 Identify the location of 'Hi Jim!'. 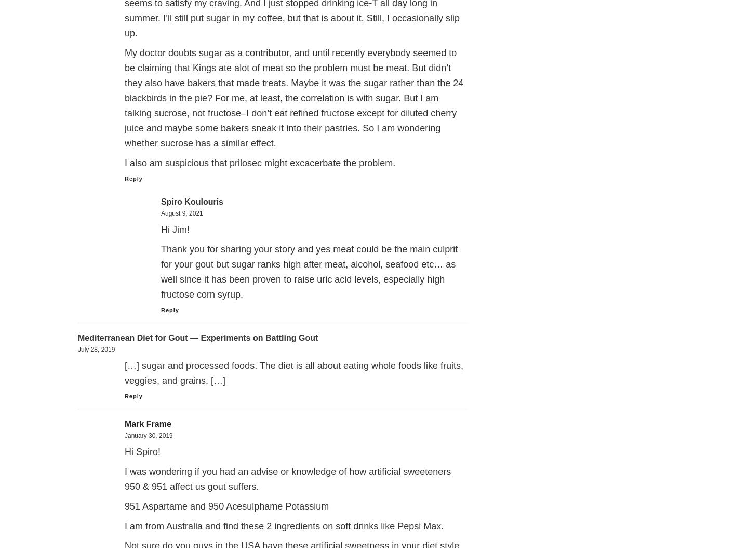
(175, 229).